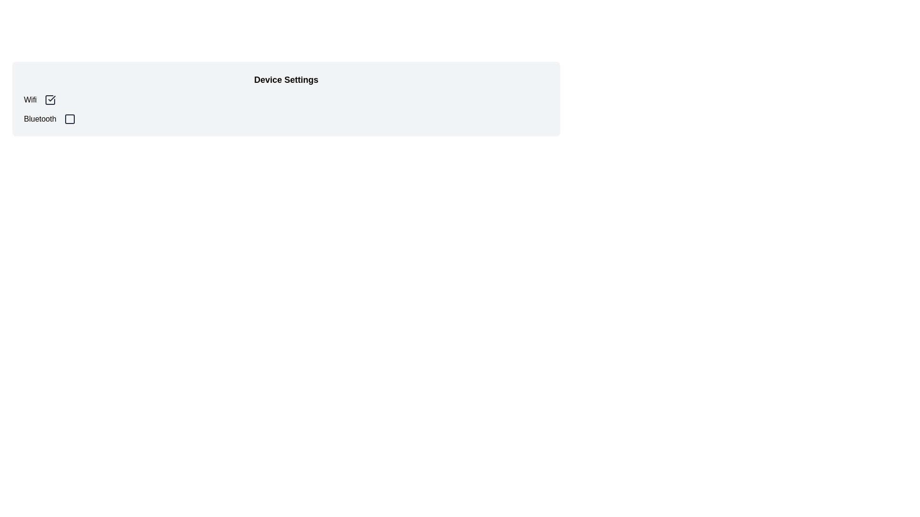 The height and width of the screenshot is (517, 920). What do you see at coordinates (49, 100) in the screenshot?
I see `the checkbox with a checkmark beside the 'Wifi' label in the 'Device Settings' section` at bounding box center [49, 100].